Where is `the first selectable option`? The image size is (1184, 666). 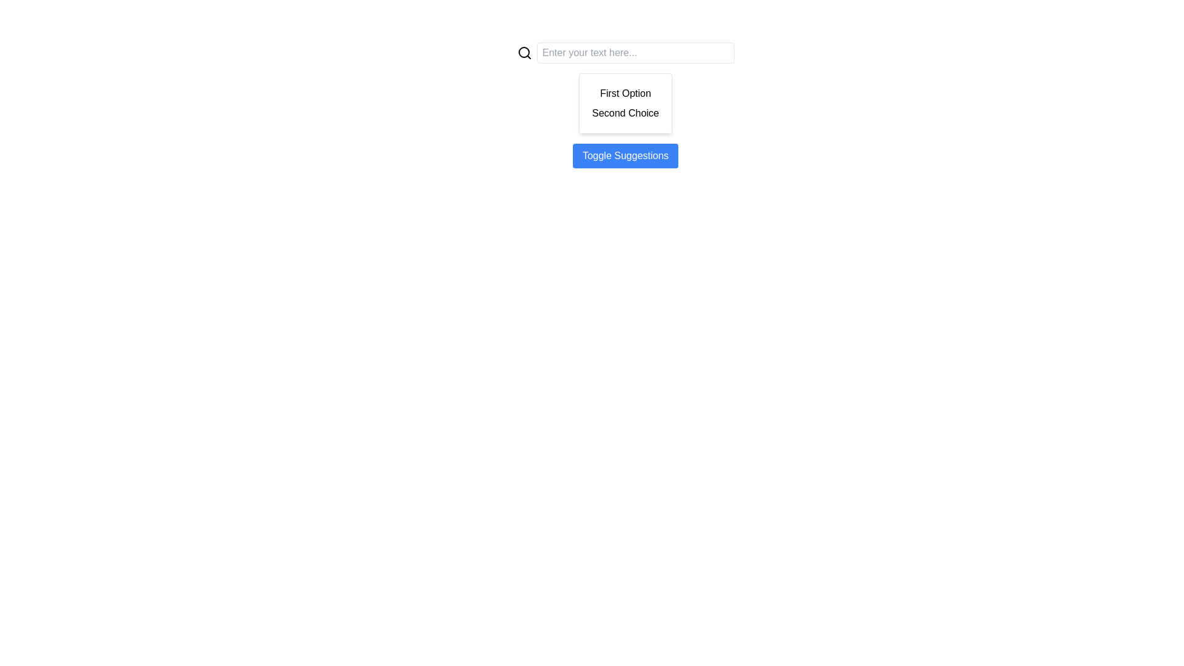 the first selectable option is located at coordinates (625, 92).